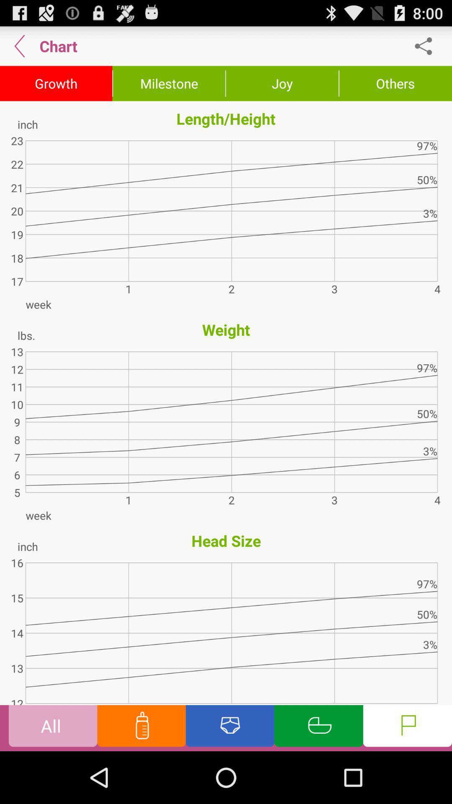 The width and height of the screenshot is (452, 804). I want to click on go back, so click(19, 46).